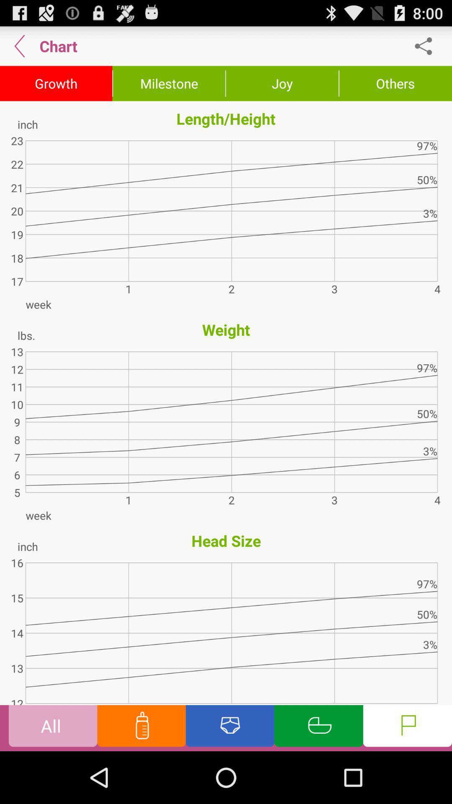 The width and height of the screenshot is (452, 804). I want to click on go back, so click(19, 46).